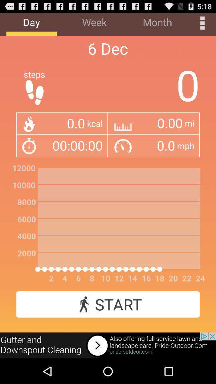 This screenshot has height=384, width=216. I want to click on advertisement, so click(108, 345).